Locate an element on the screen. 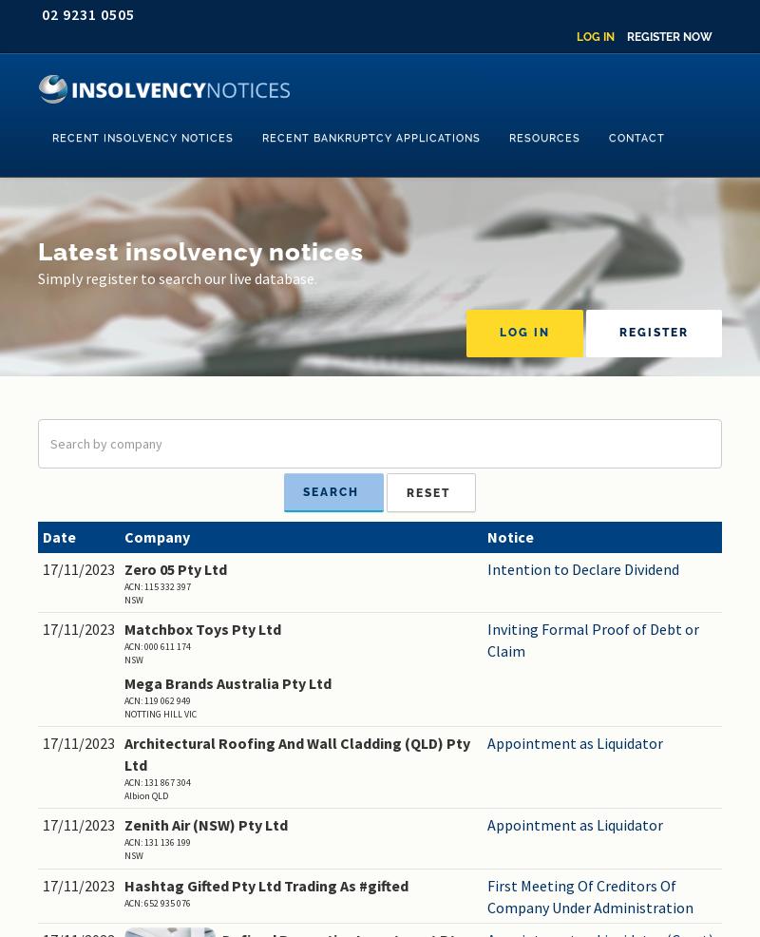  'Company' is located at coordinates (157, 535).